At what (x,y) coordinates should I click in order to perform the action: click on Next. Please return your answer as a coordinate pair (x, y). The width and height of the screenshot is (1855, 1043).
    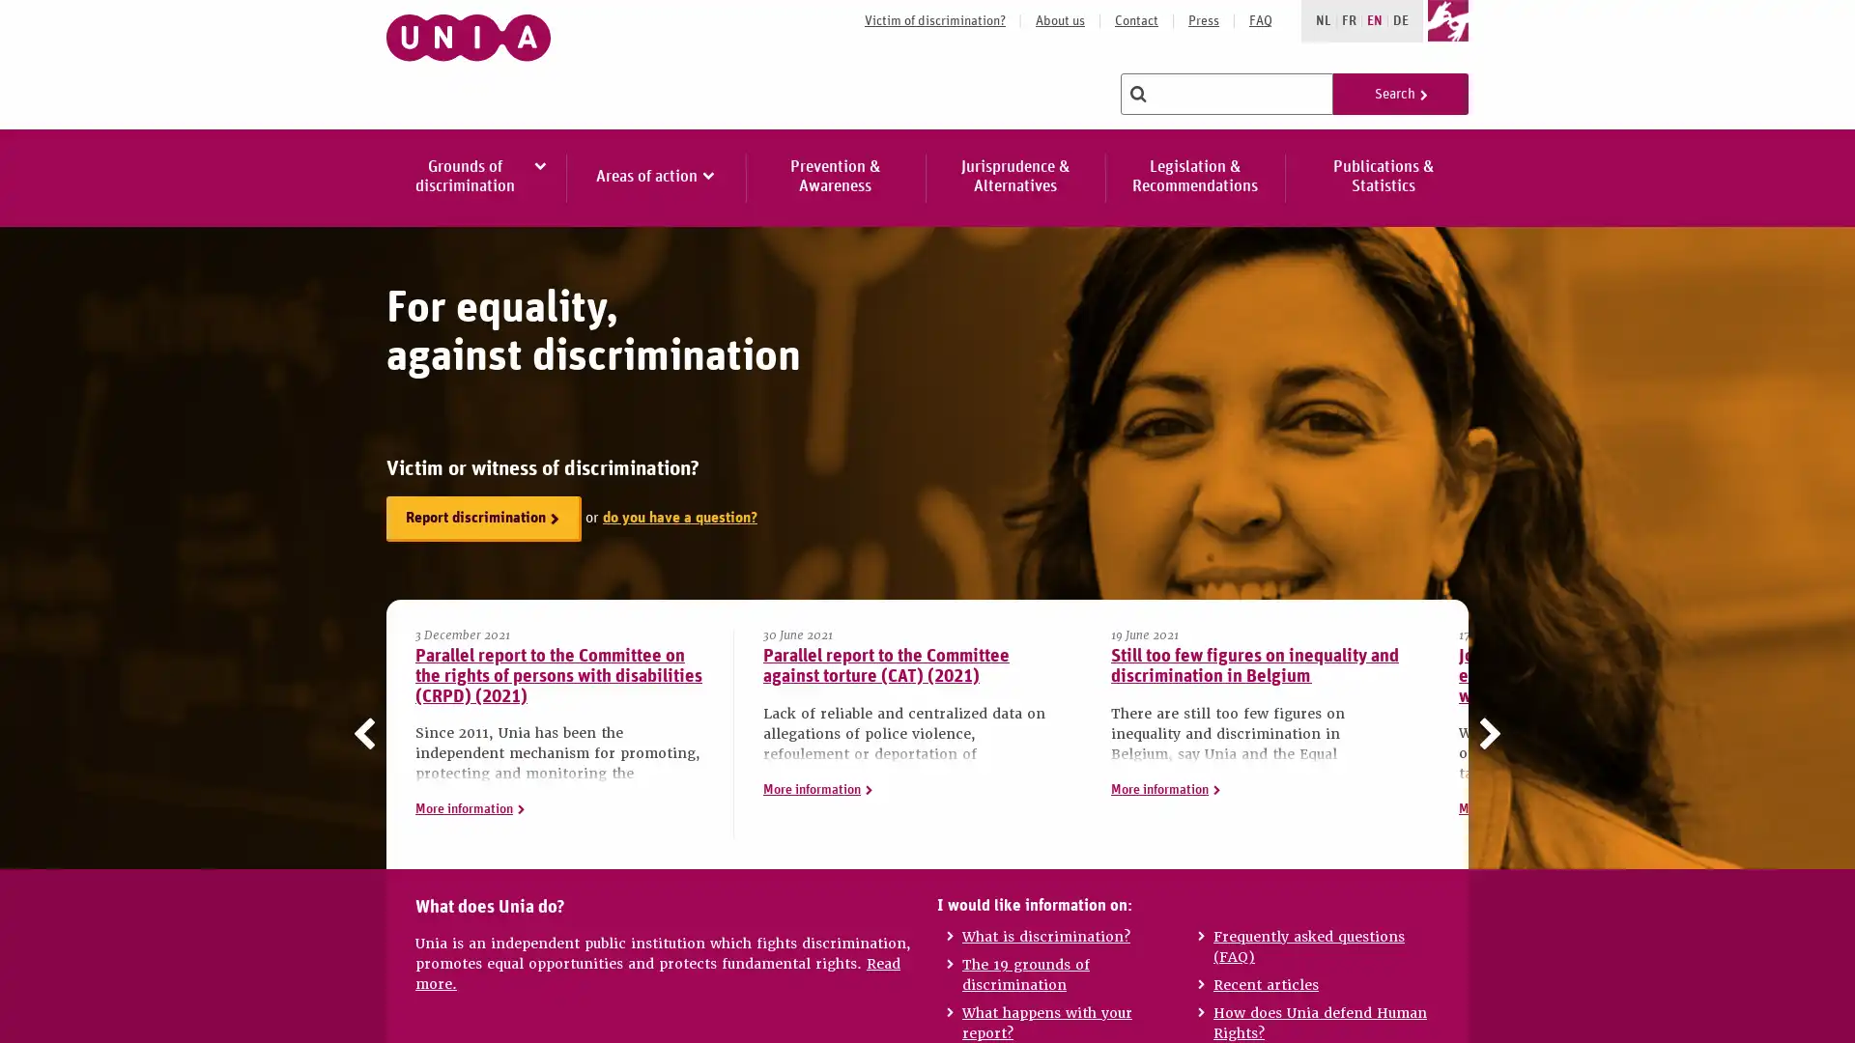
    Looking at the image, I should click on (1484, 733).